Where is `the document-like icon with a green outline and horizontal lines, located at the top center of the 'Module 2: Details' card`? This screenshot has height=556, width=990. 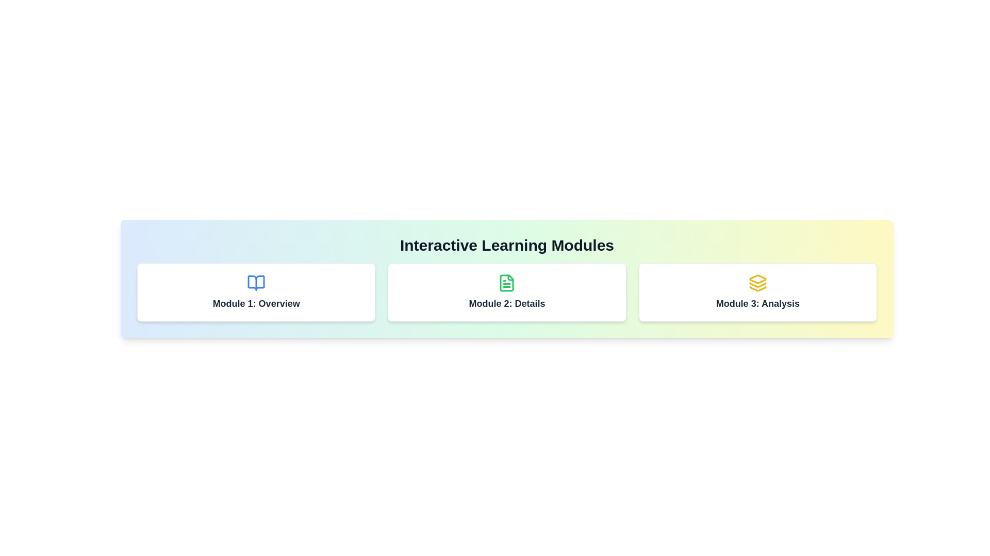
the document-like icon with a green outline and horizontal lines, located at the top center of the 'Module 2: Details' card is located at coordinates (507, 283).